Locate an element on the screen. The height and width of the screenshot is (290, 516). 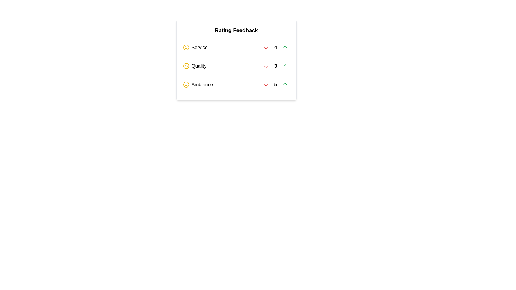
the button to the left of the number '3' in the 'Quality' section to decrease the rating for the Quality metric is located at coordinates (266, 66).